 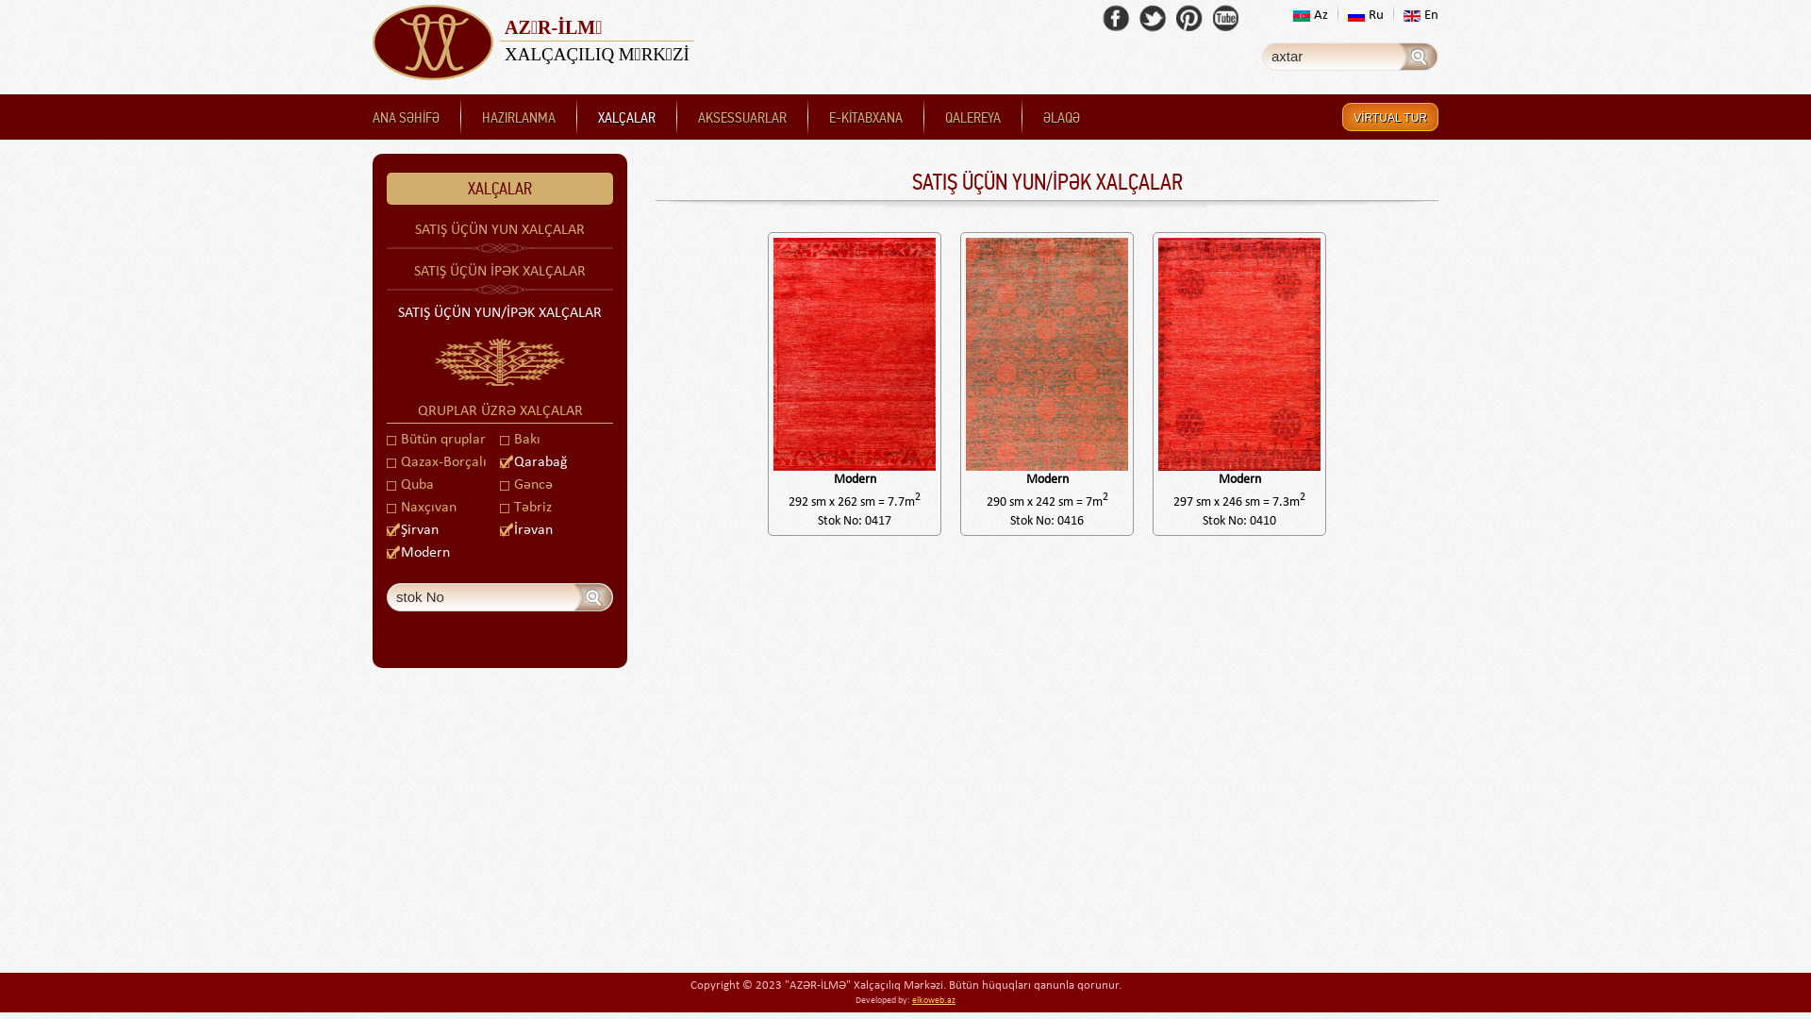 I want to click on 'En', so click(x=1421, y=15).